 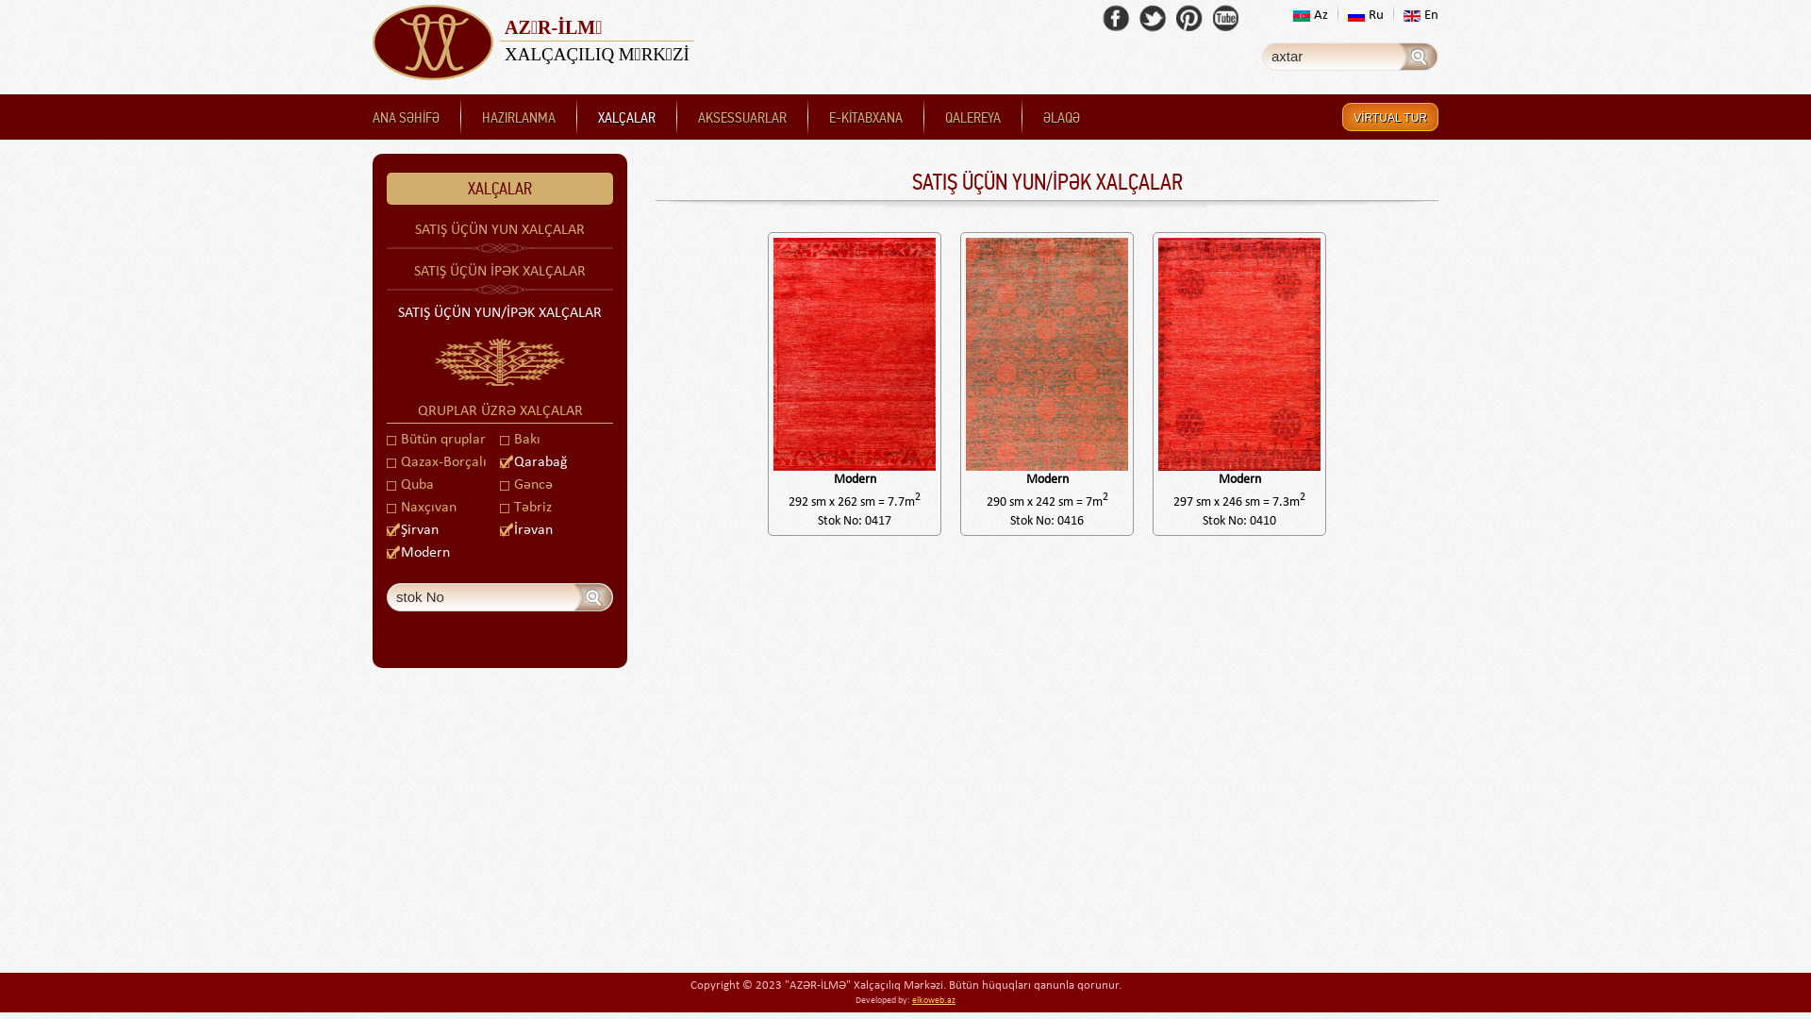 I want to click on 'En', so click(x=1421, y=15).